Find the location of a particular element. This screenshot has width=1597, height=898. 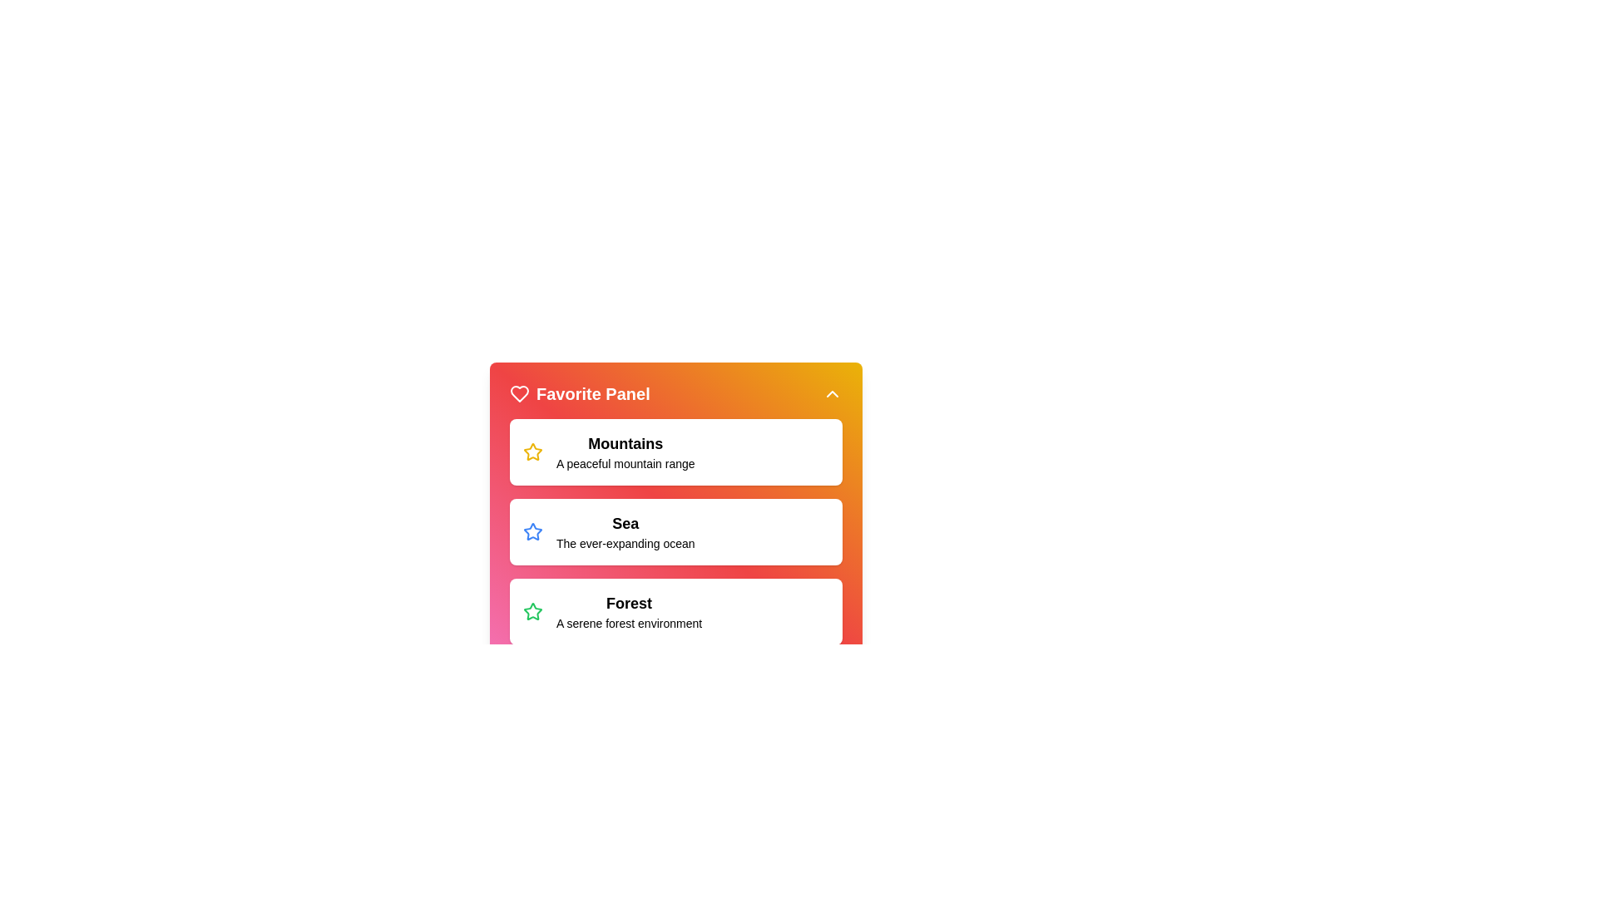

the decorative icon situated next to the 'Sea' label in the second panel of the list, which signifies importance is located at coordinates (533, 531).